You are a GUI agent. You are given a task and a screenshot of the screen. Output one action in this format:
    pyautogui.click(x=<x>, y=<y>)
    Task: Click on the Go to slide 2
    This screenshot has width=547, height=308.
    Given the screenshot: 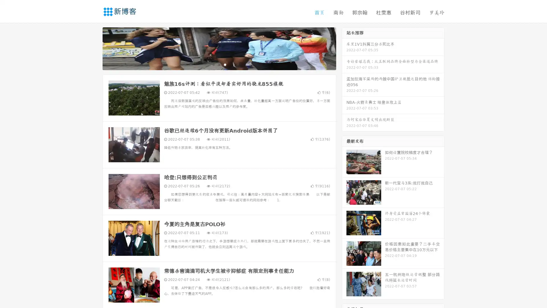 What is the action you would take?
    pyautogui.click(x=219, y=64)
    